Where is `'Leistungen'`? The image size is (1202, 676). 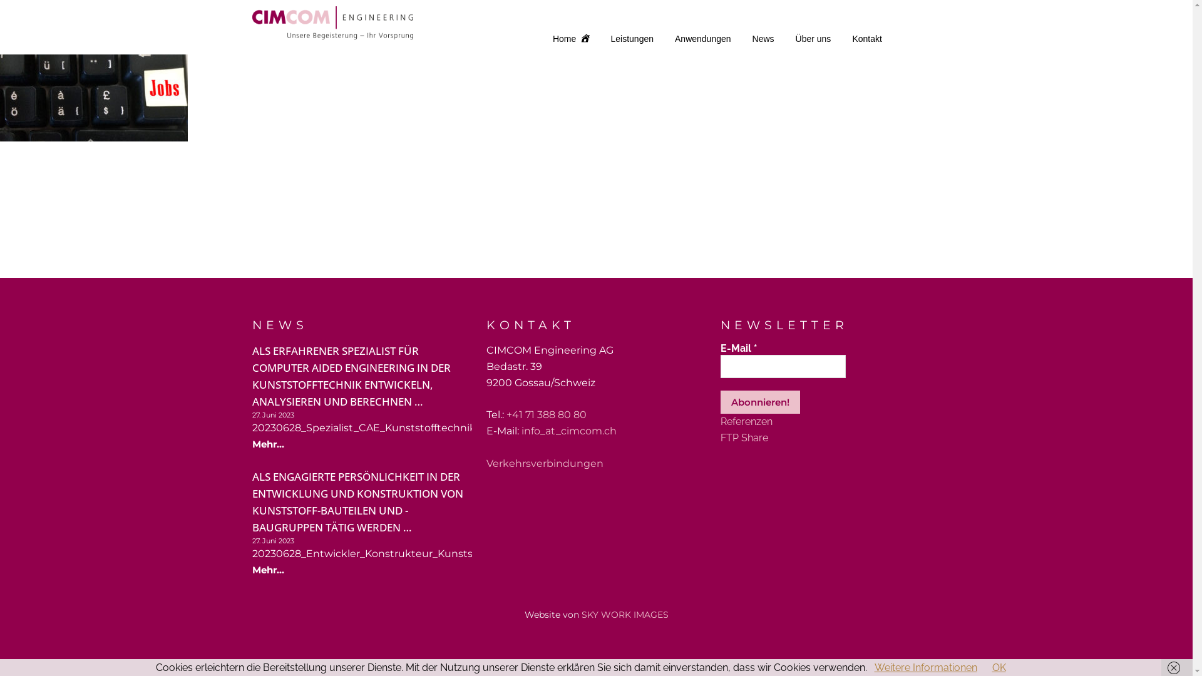
'Leistungen' is located at coordinates (632, 38).